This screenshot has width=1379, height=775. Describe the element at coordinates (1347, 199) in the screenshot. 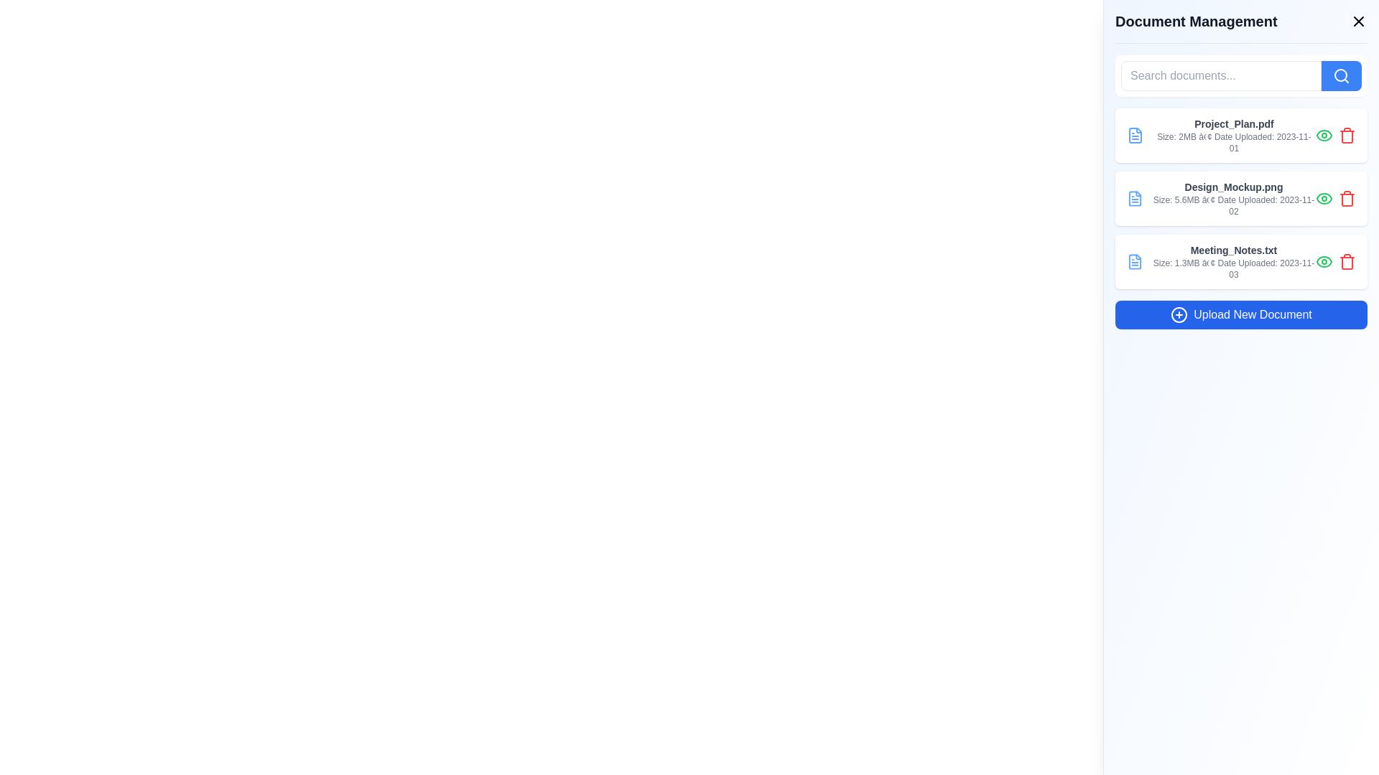

I see `the delete icon button associated with the document labeled 'Design_Mockup.png', which is positioned to the right of the green 'view' icon` at that location.